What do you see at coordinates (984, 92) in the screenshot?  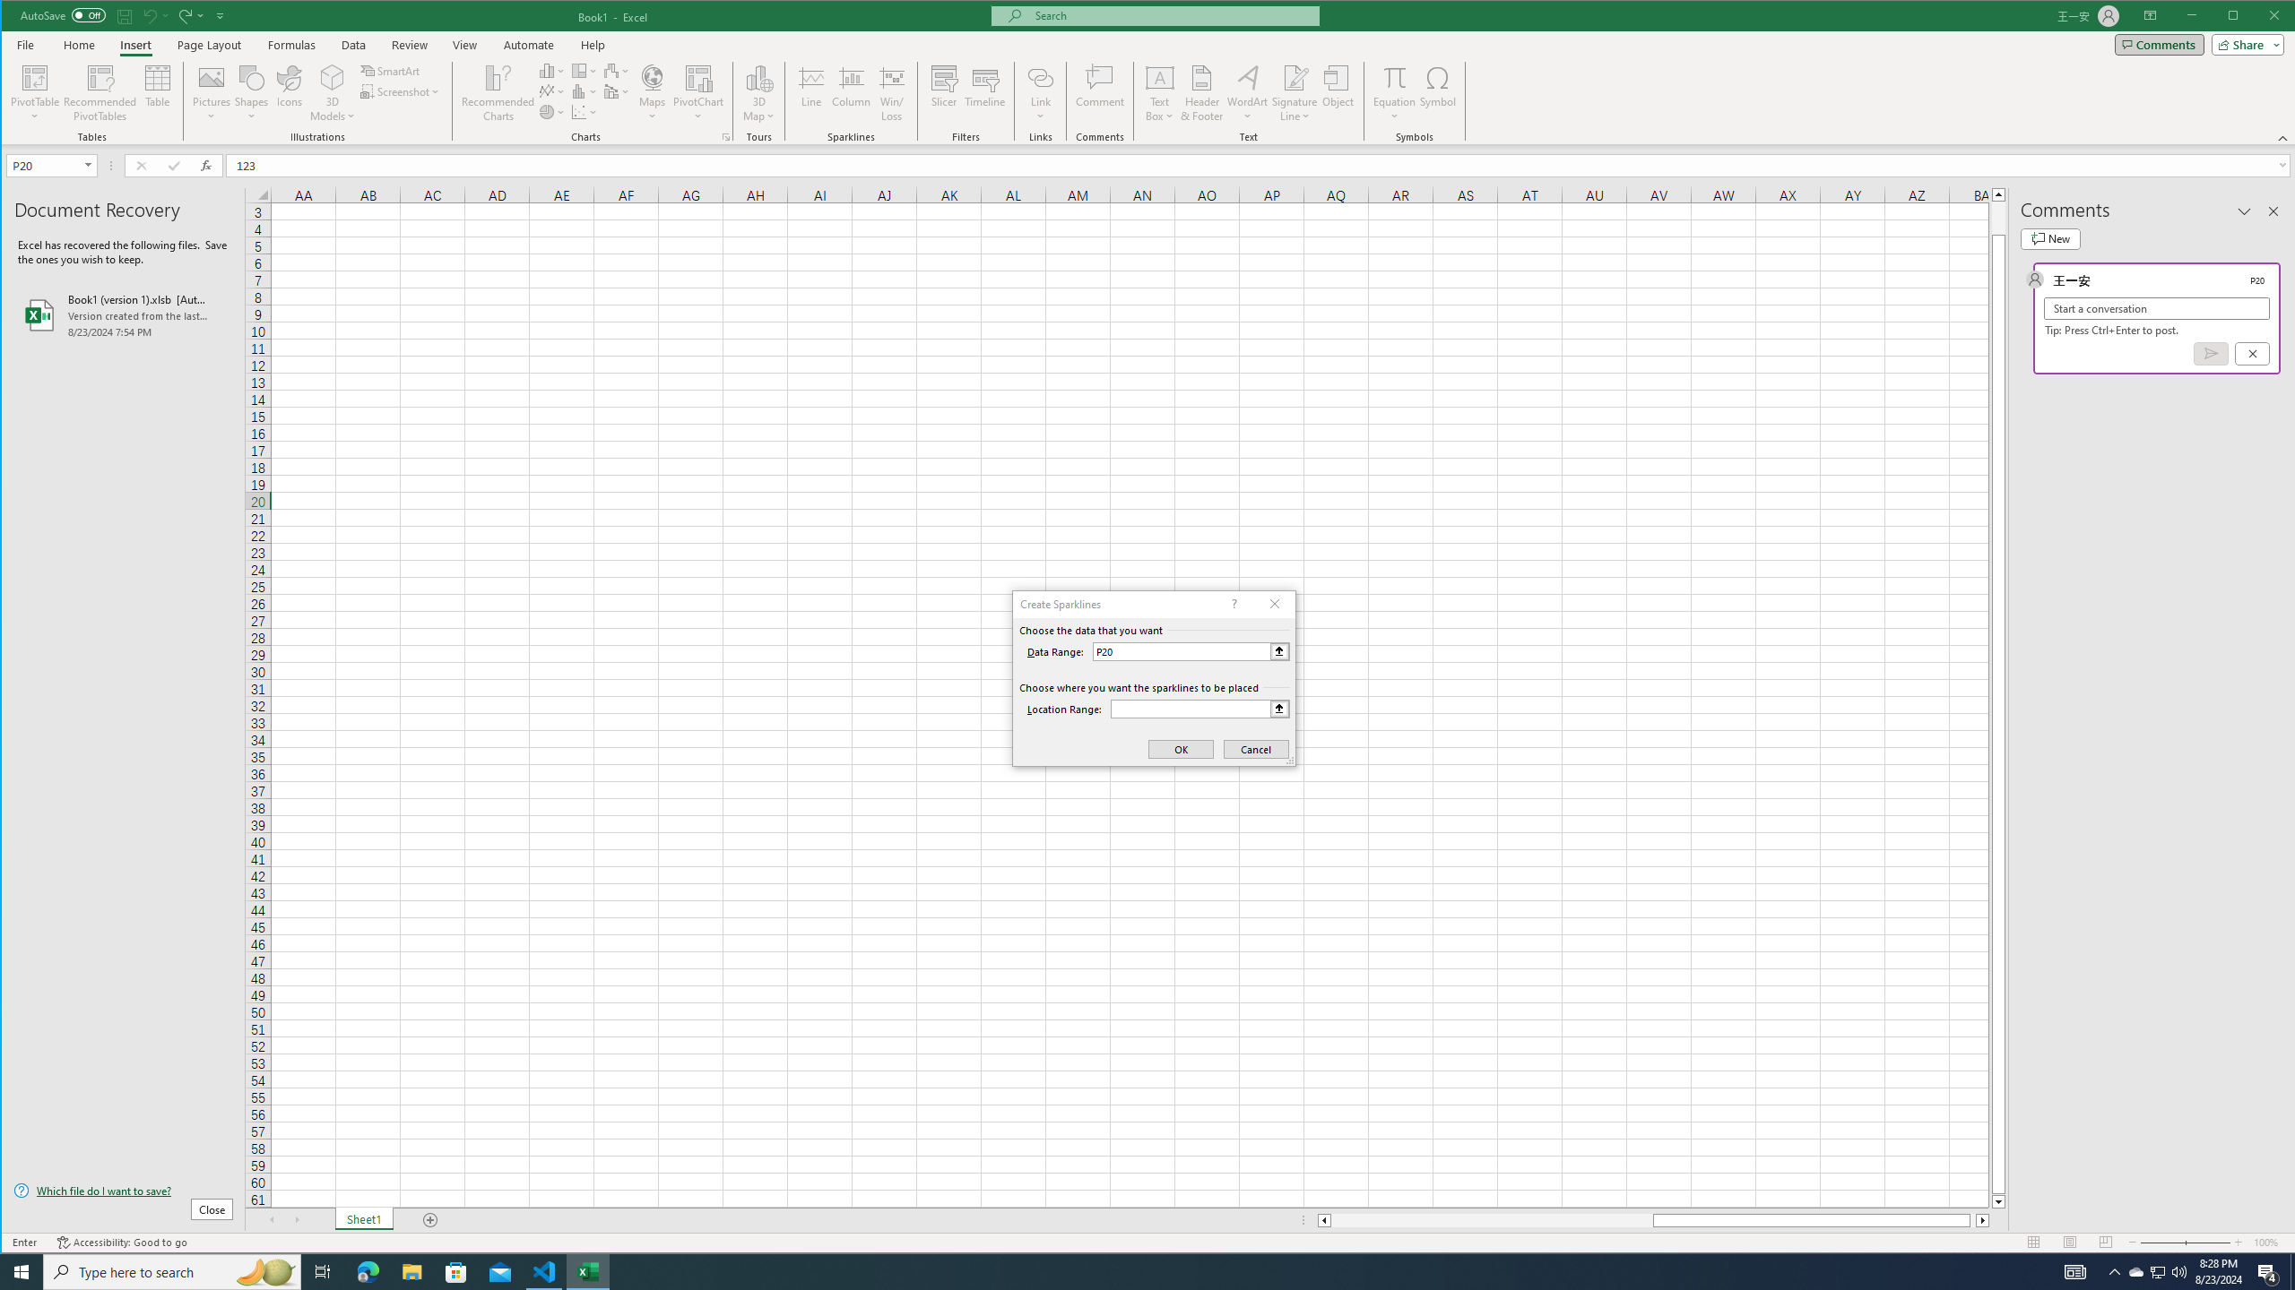 I see `'Timeline'` at bounding box center [984, 92].